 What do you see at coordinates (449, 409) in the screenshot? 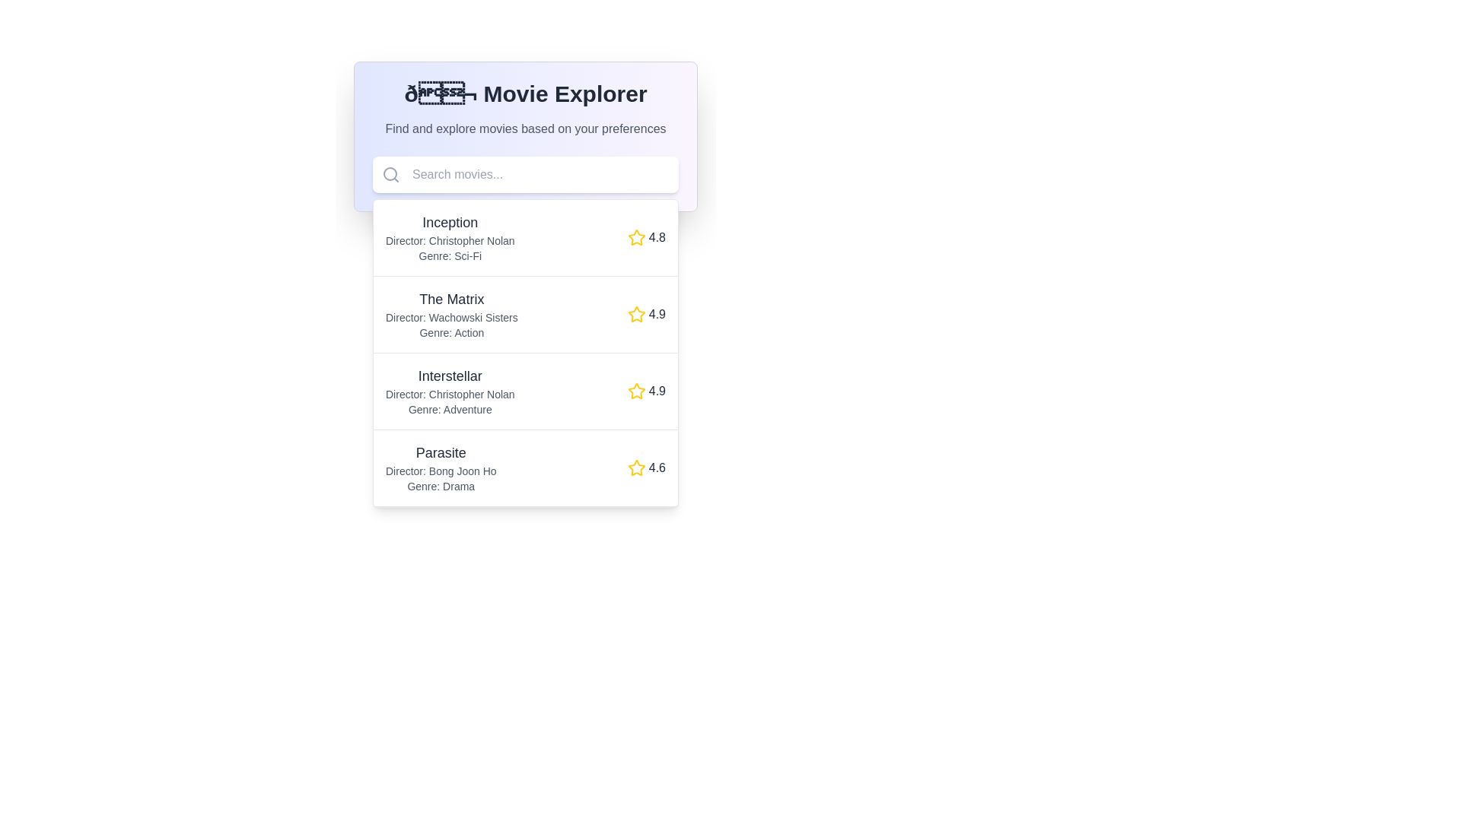
I see `the text label displaying 'Genre: Adventure', which is styled with a smaller font size and grey color, located below 'Director: Christopher Nolan' in the 'Interstellar' movie entry` at bounding box center [449, 409].